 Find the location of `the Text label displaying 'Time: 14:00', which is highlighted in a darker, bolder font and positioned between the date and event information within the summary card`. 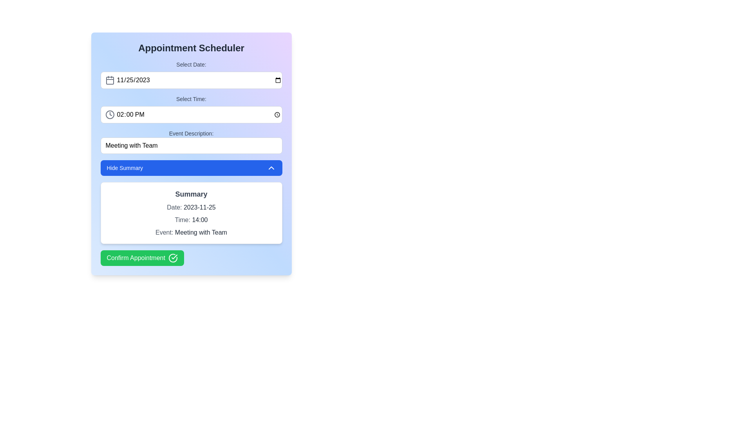

the Text label displaying 'Time: 14:00', which is highlighted in a darker, bolder font and positioned between the date and event information within the summary card is located at coordinates (191, 220).